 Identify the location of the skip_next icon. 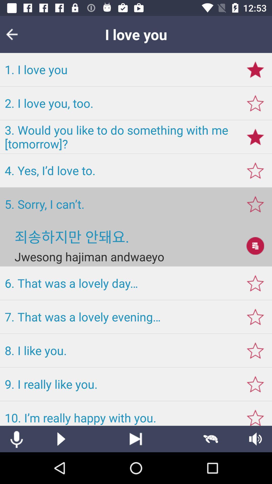
(135, 439).